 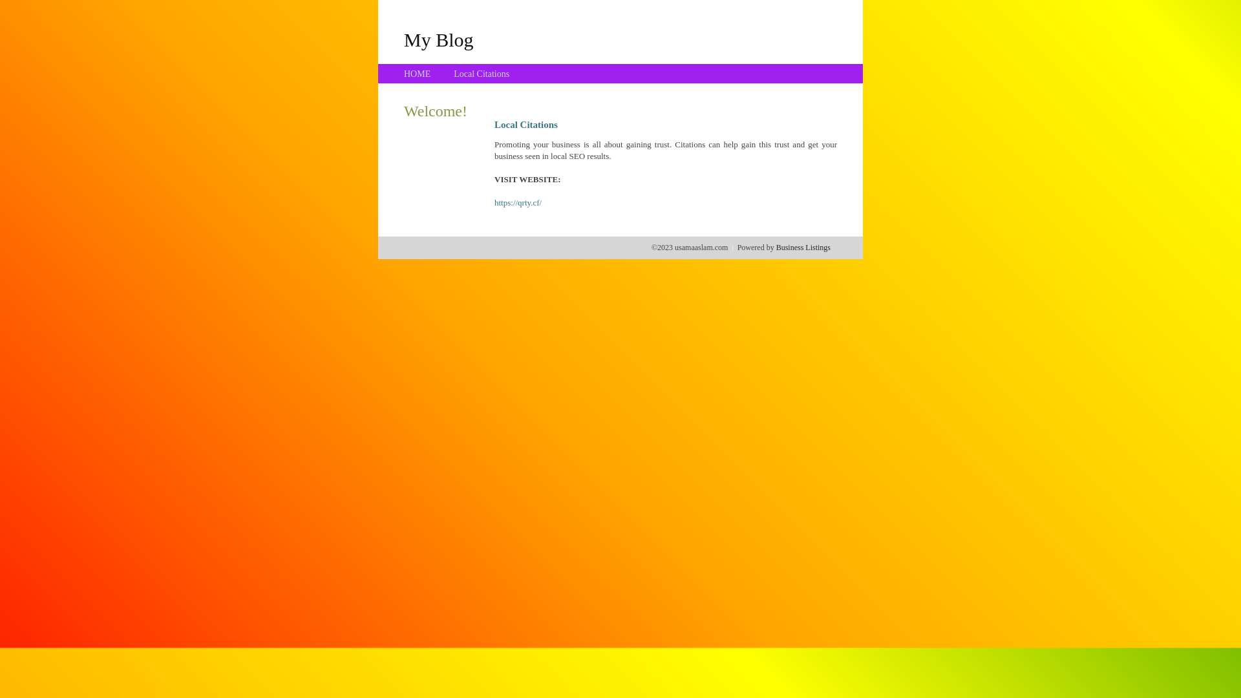 I want to click on 'HOME', so click(x=403, y=74).